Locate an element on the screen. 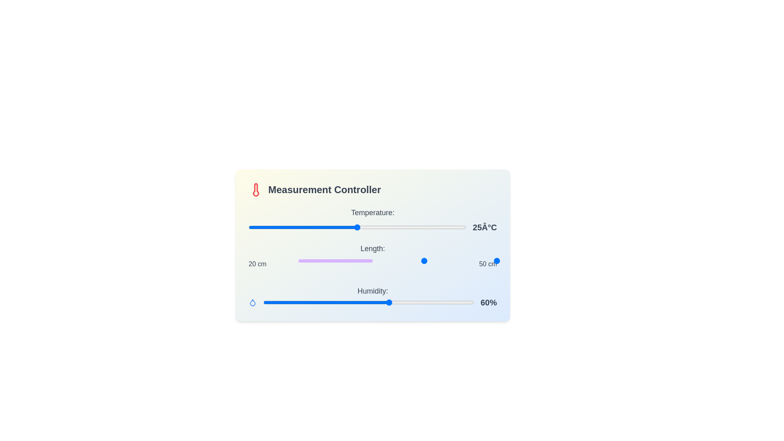 Image resolution: width=784 pixels, height=441 pixels. the temperature is located at coordinates (349, 227).